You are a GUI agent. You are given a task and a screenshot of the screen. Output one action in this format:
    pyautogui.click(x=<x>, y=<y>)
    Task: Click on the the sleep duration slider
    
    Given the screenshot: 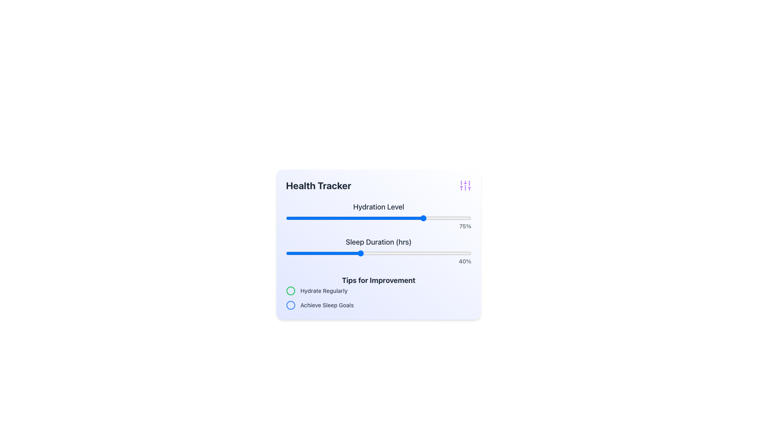 What is the action you would take?
    pyautogui.click(x=435, y=253)
    